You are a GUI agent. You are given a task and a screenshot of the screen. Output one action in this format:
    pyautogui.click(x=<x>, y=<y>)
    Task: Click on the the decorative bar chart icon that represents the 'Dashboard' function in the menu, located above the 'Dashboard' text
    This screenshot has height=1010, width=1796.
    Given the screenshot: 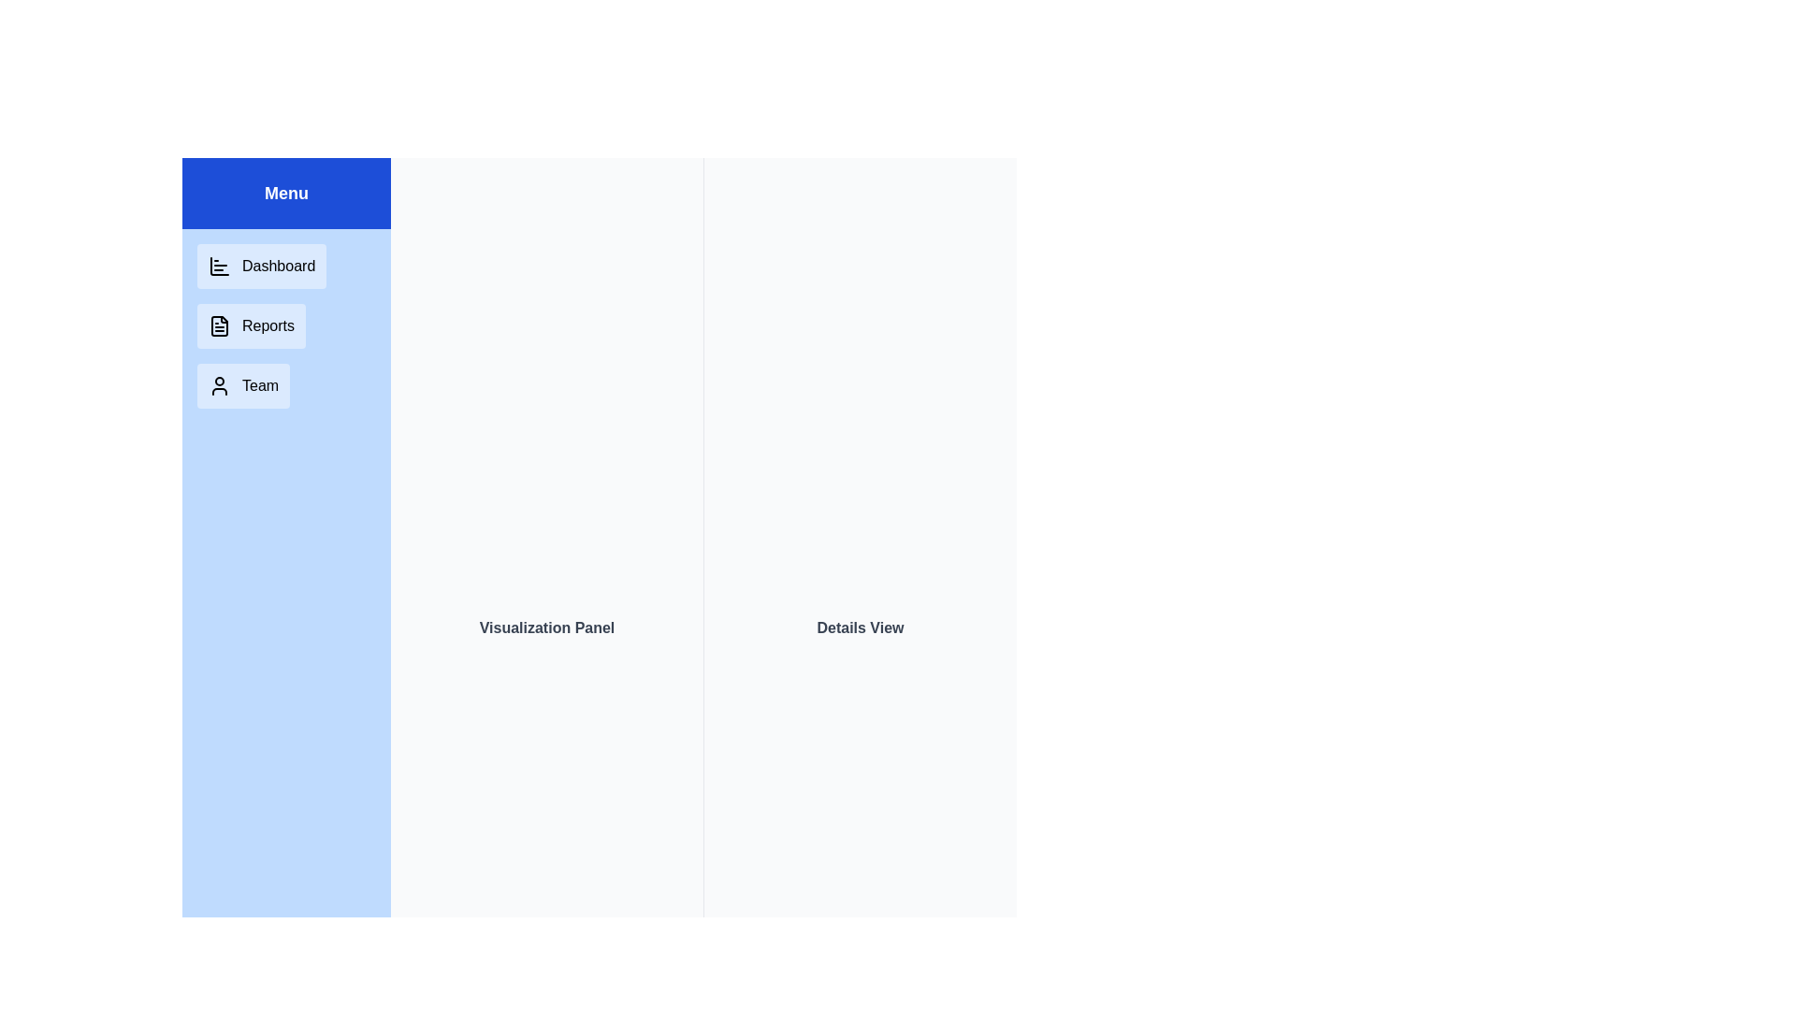 What is the action you would take?
    pyautogui.click(x=220, y=267)
    